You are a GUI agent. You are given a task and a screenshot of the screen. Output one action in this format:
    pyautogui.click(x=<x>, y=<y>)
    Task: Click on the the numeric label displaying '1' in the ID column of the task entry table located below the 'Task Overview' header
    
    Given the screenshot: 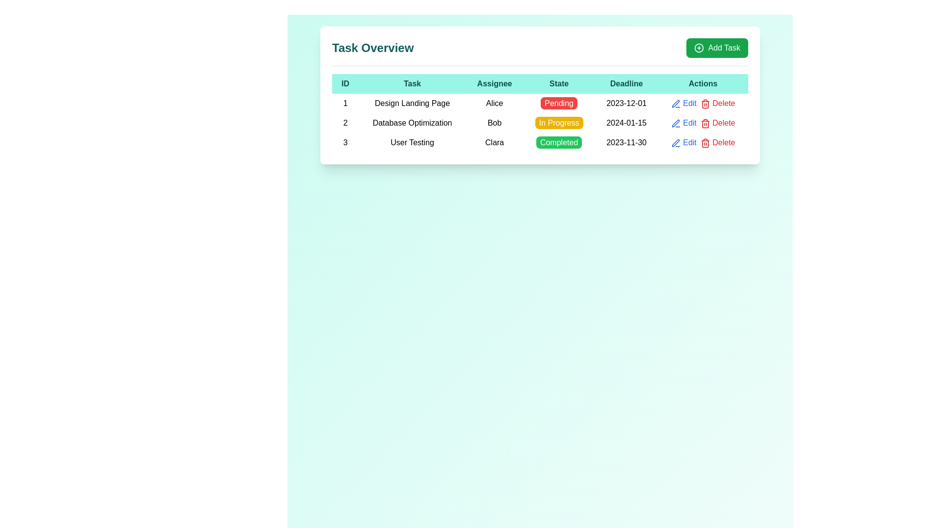 What is the action you would take?
    pyautogui.click(x=345, y=104)
    